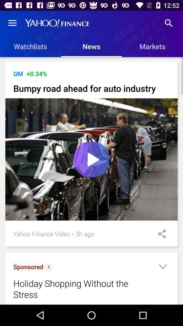 This screenshot has height=326, width=183. What do you see at coordinates (28, 267) in the screenshot?
I see `the sponsored item` at bounding box center [28, 267].